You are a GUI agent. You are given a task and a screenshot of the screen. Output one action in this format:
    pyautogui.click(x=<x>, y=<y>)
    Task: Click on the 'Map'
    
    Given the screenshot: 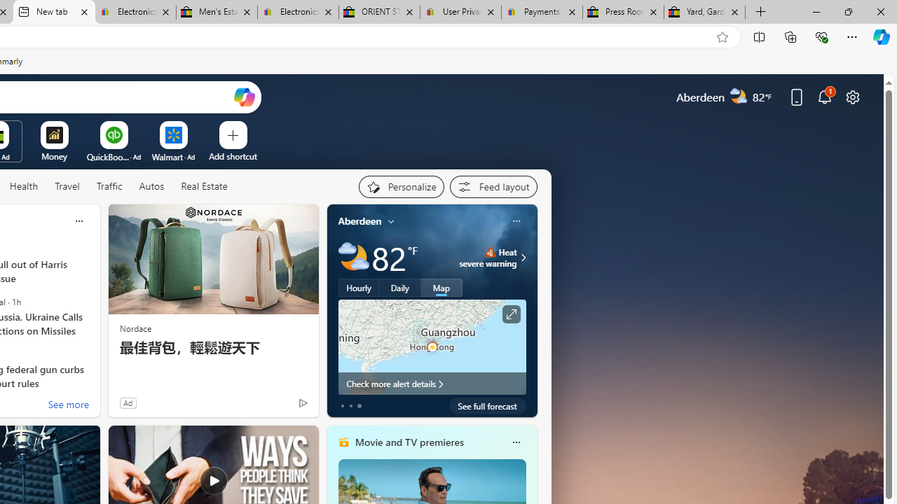 What is the action you would take?
    pyautogui.click(x=441, y=287)
    